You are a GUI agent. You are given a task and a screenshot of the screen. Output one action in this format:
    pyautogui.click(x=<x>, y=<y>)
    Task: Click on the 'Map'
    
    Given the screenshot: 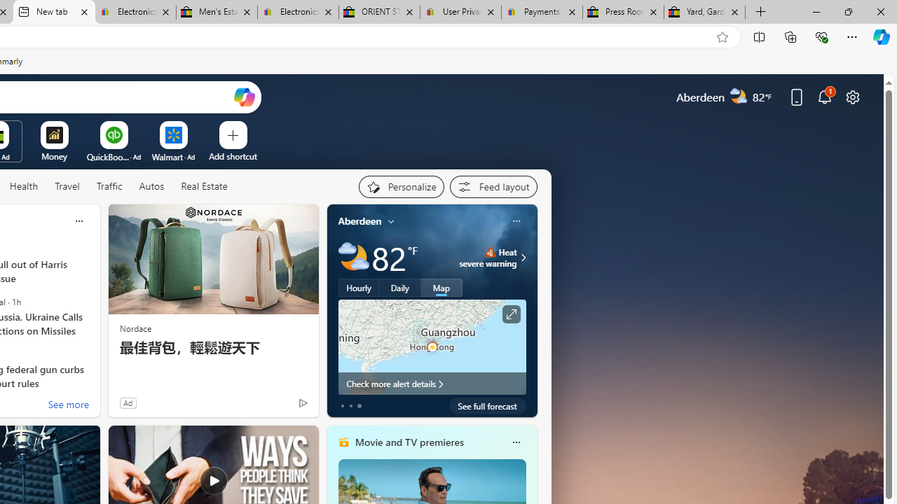 What is the action you would take?
    pyautogui.click(x=441, y=287)
    